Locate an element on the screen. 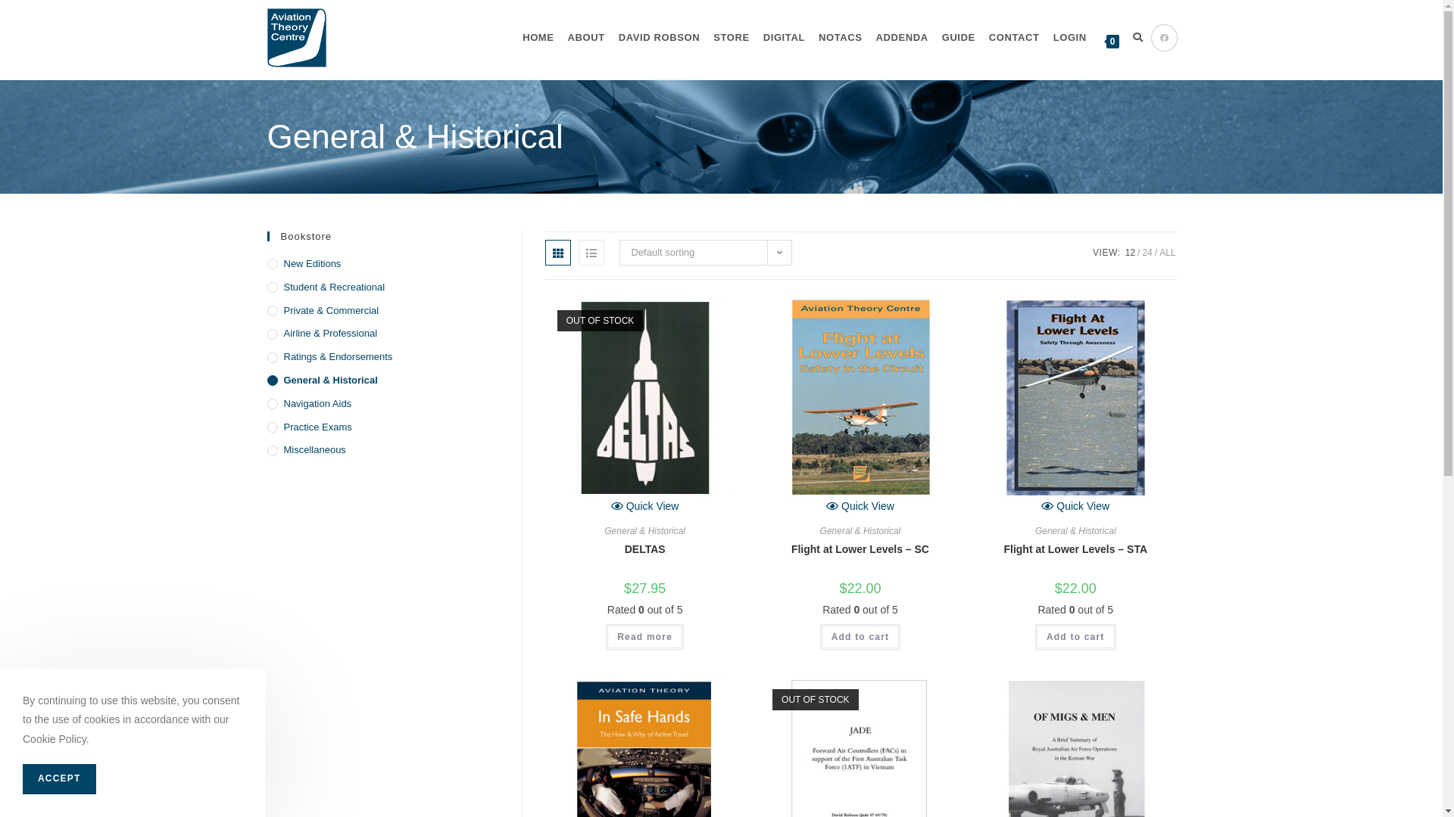 This screenshot has height=817, width=1454. 'Practice Exams' is located at coordinates (266, 427).